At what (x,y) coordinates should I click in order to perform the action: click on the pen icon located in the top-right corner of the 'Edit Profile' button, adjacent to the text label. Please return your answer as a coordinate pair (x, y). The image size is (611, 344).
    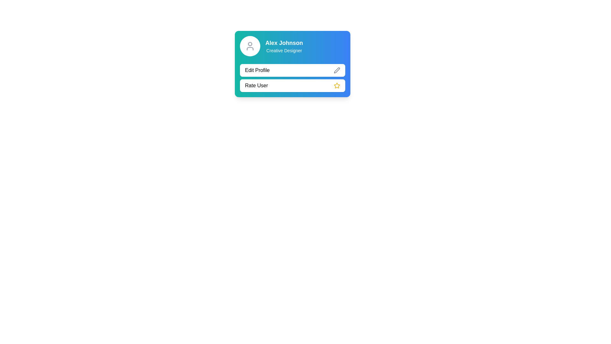
    Looking at the image, I should click on (337, 70).